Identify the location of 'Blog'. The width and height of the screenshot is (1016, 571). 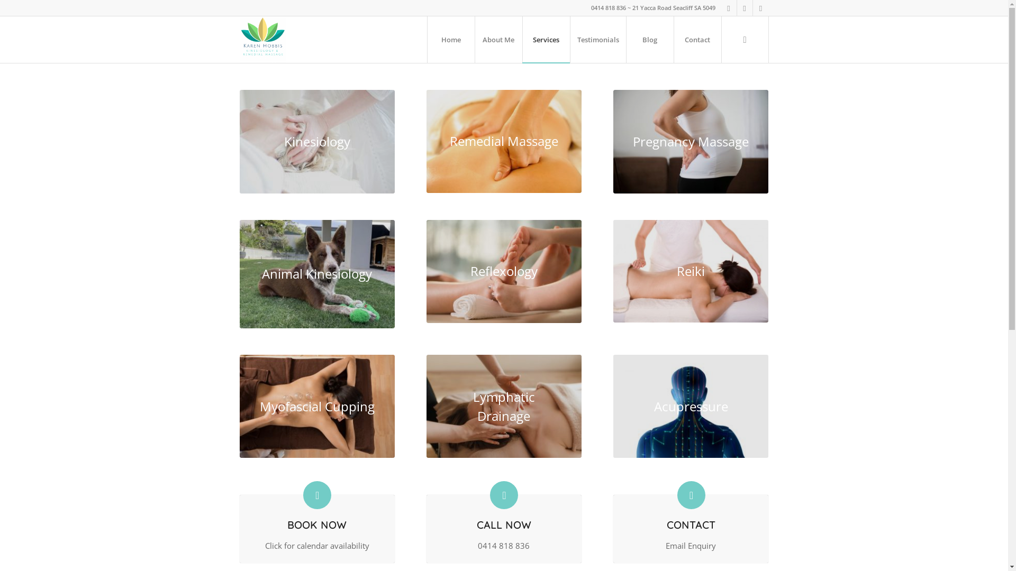
(625, 39).